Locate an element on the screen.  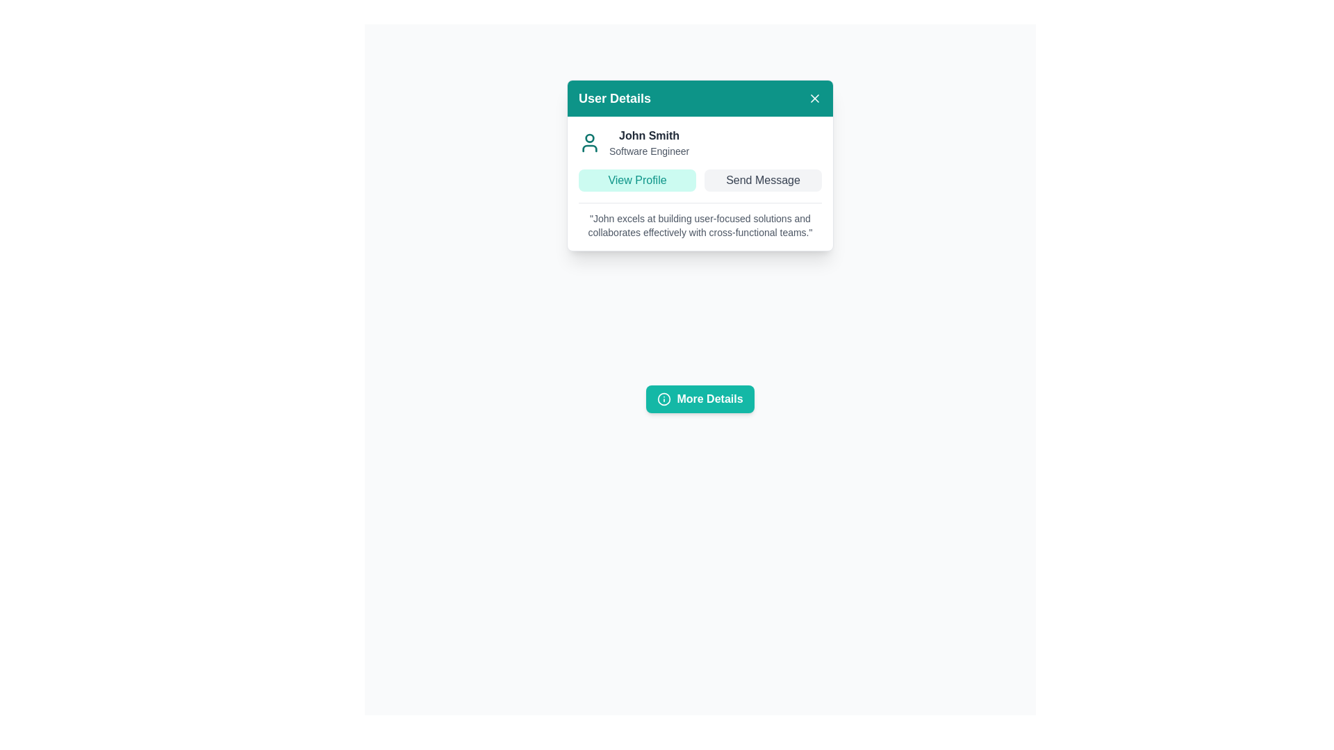
the user profile icon located to the left of the user details section, which represents the user 'John Smith', a Software Engineer is located at coordinates (590, 142).